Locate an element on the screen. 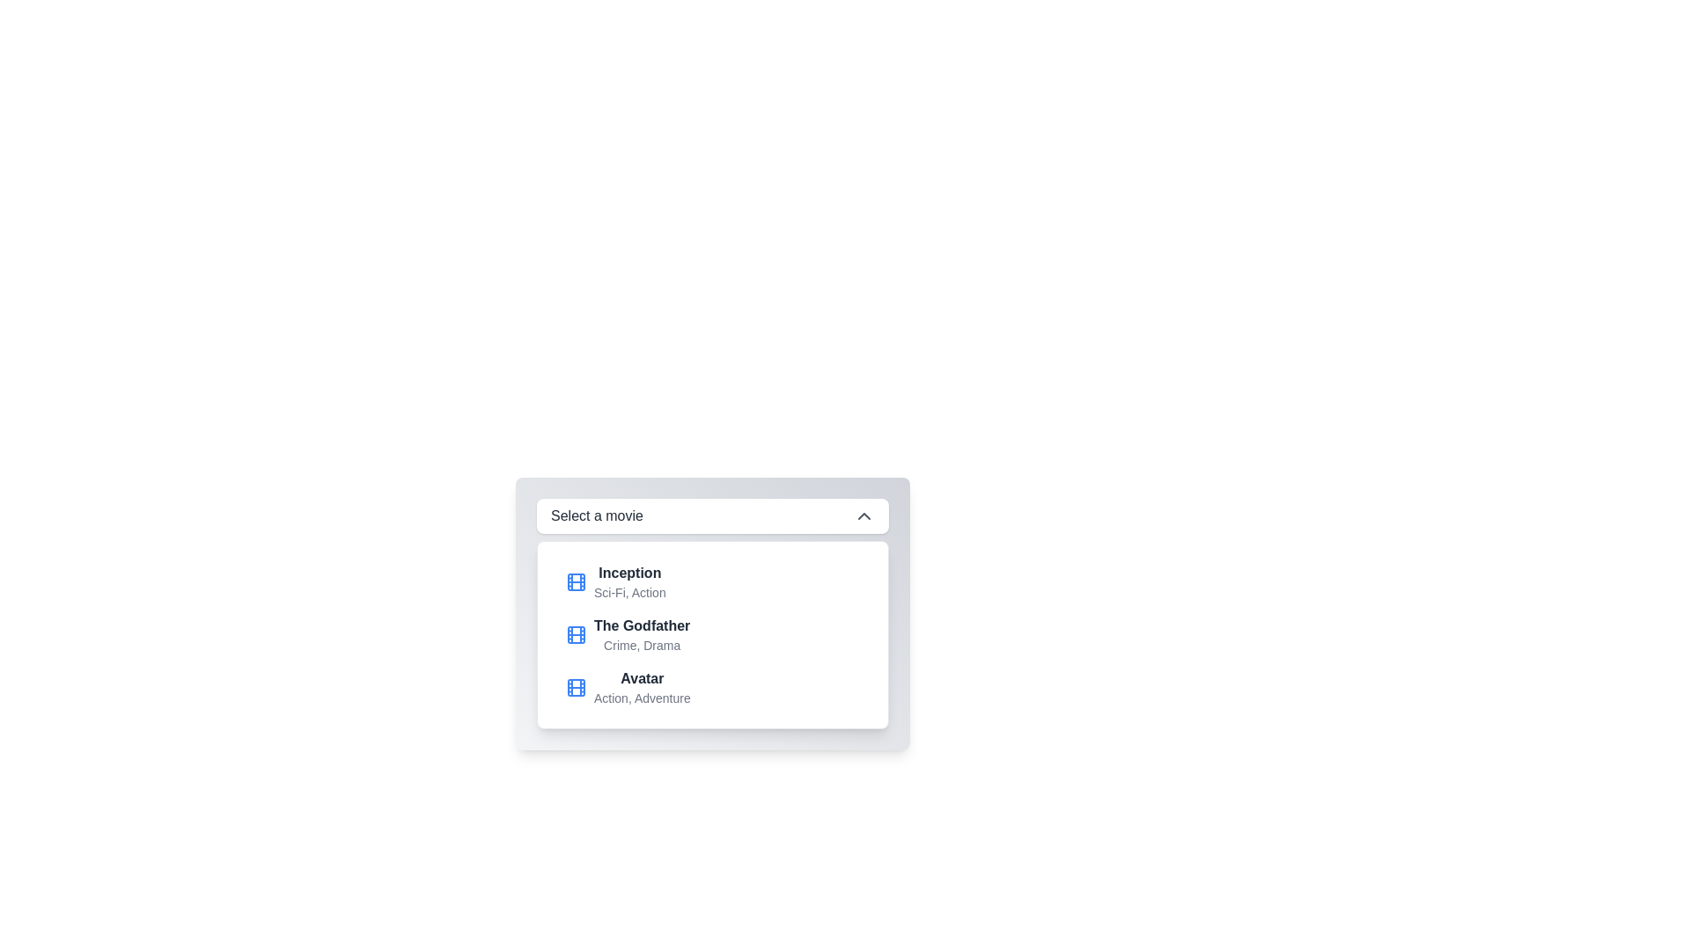 The width and height of the screenshot is (1690, 950). the square-shaped blue icon with a perforated film-like design, which is positioned to the left of the text 'The GodfatherCrime, Drama' in the list of movie options is located at coordinates (576, 634).